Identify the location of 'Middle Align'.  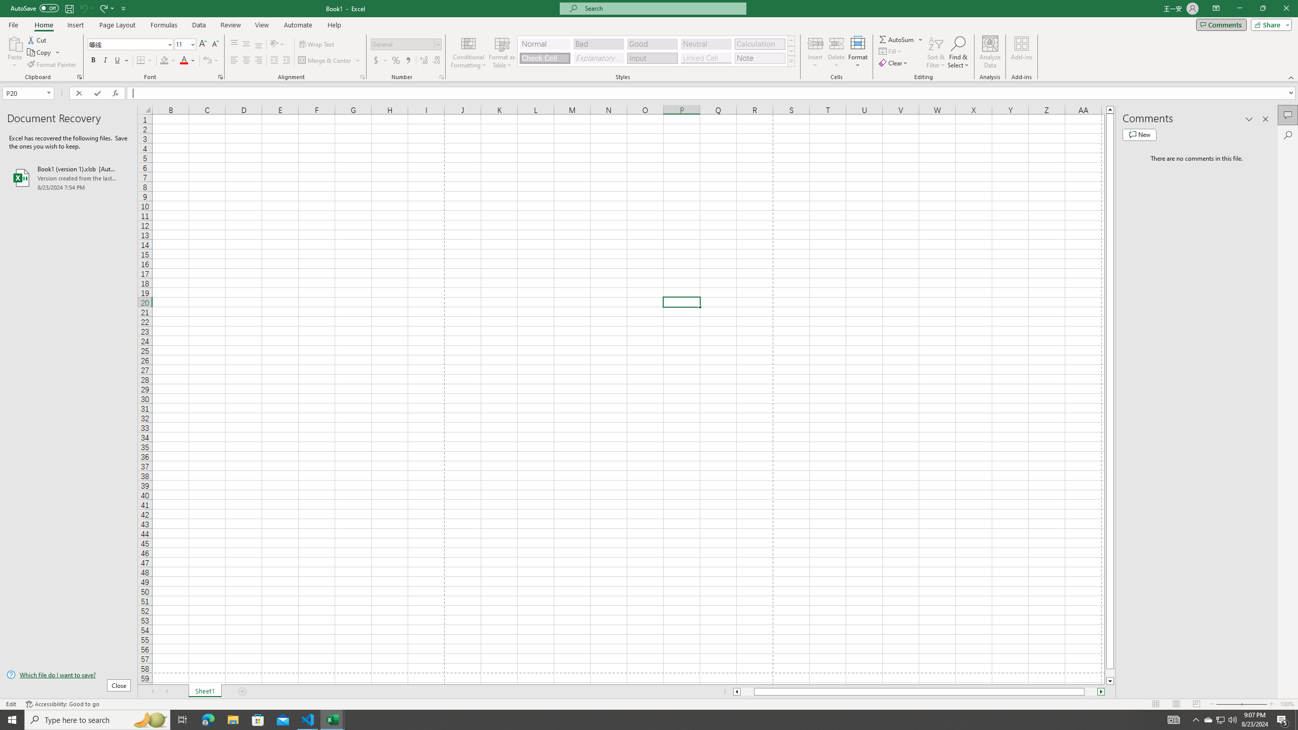
(246, 44).